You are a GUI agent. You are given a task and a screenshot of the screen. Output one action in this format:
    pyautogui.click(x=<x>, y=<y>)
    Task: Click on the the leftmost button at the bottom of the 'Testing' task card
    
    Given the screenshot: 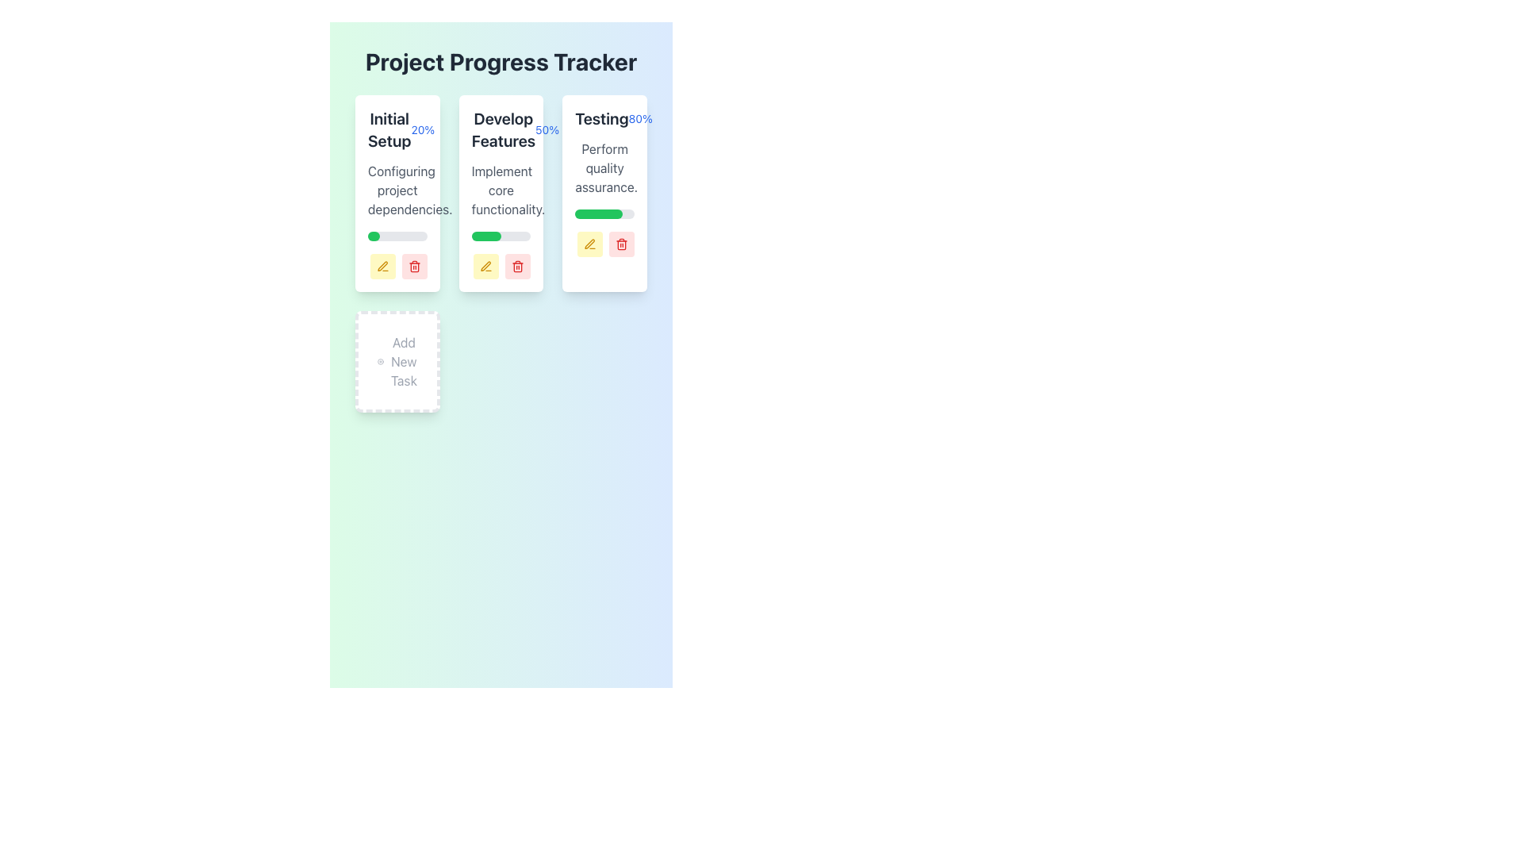 What is the action you would take?
    pyautogui.click(x=589, y=244)
    